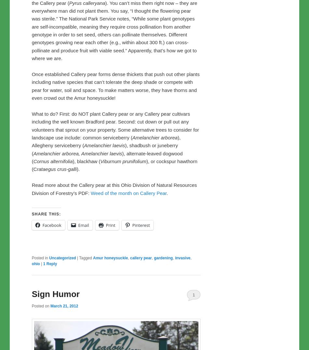  Describe the element at coordinates (53, 161) in the screenshot. I see `'Cornus alternifolia'` at that location.